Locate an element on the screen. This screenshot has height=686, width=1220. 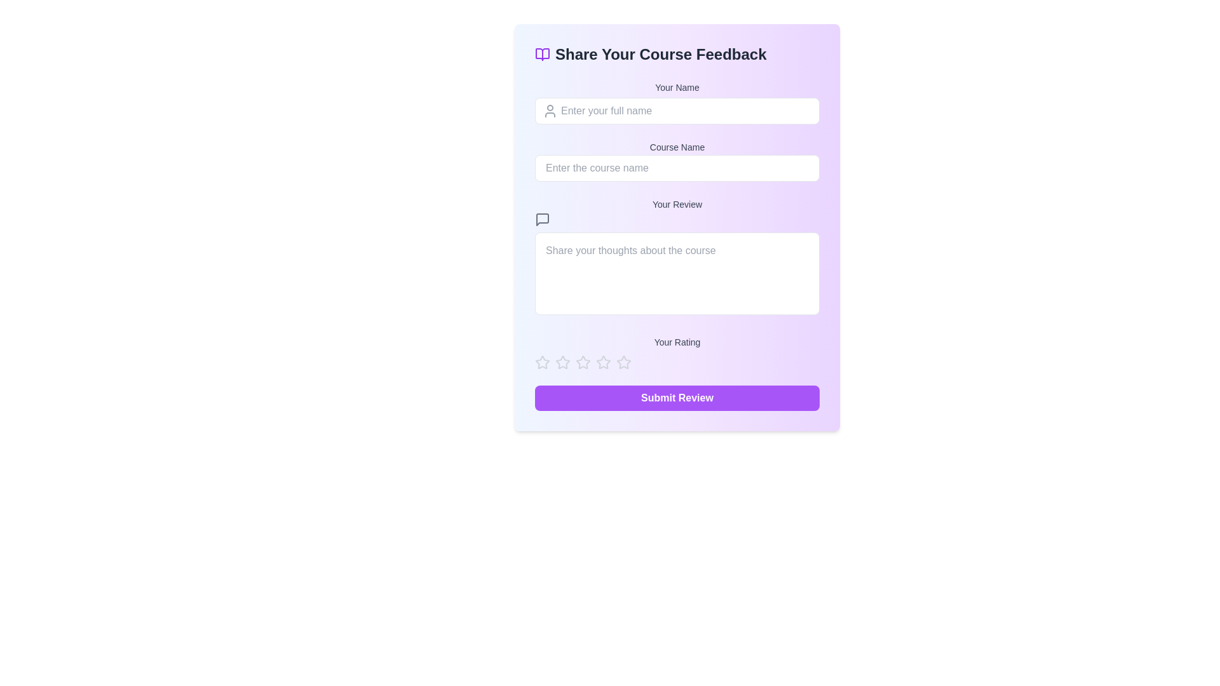
the first star icon in the 'Your Rating' section is located at coordinates (562, 362).